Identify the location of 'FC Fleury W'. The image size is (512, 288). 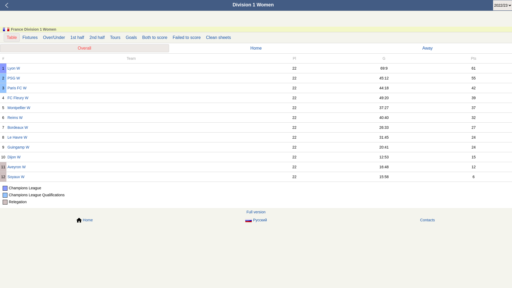
(7, 98).